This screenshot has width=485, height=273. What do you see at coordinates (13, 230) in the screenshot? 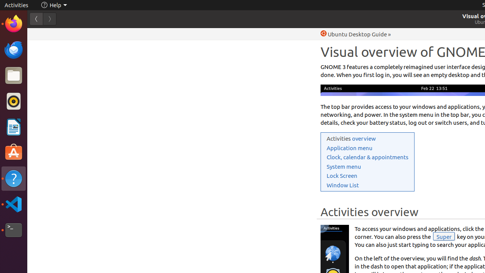
I see `'Terminal'` at bounding box center [13, 230].